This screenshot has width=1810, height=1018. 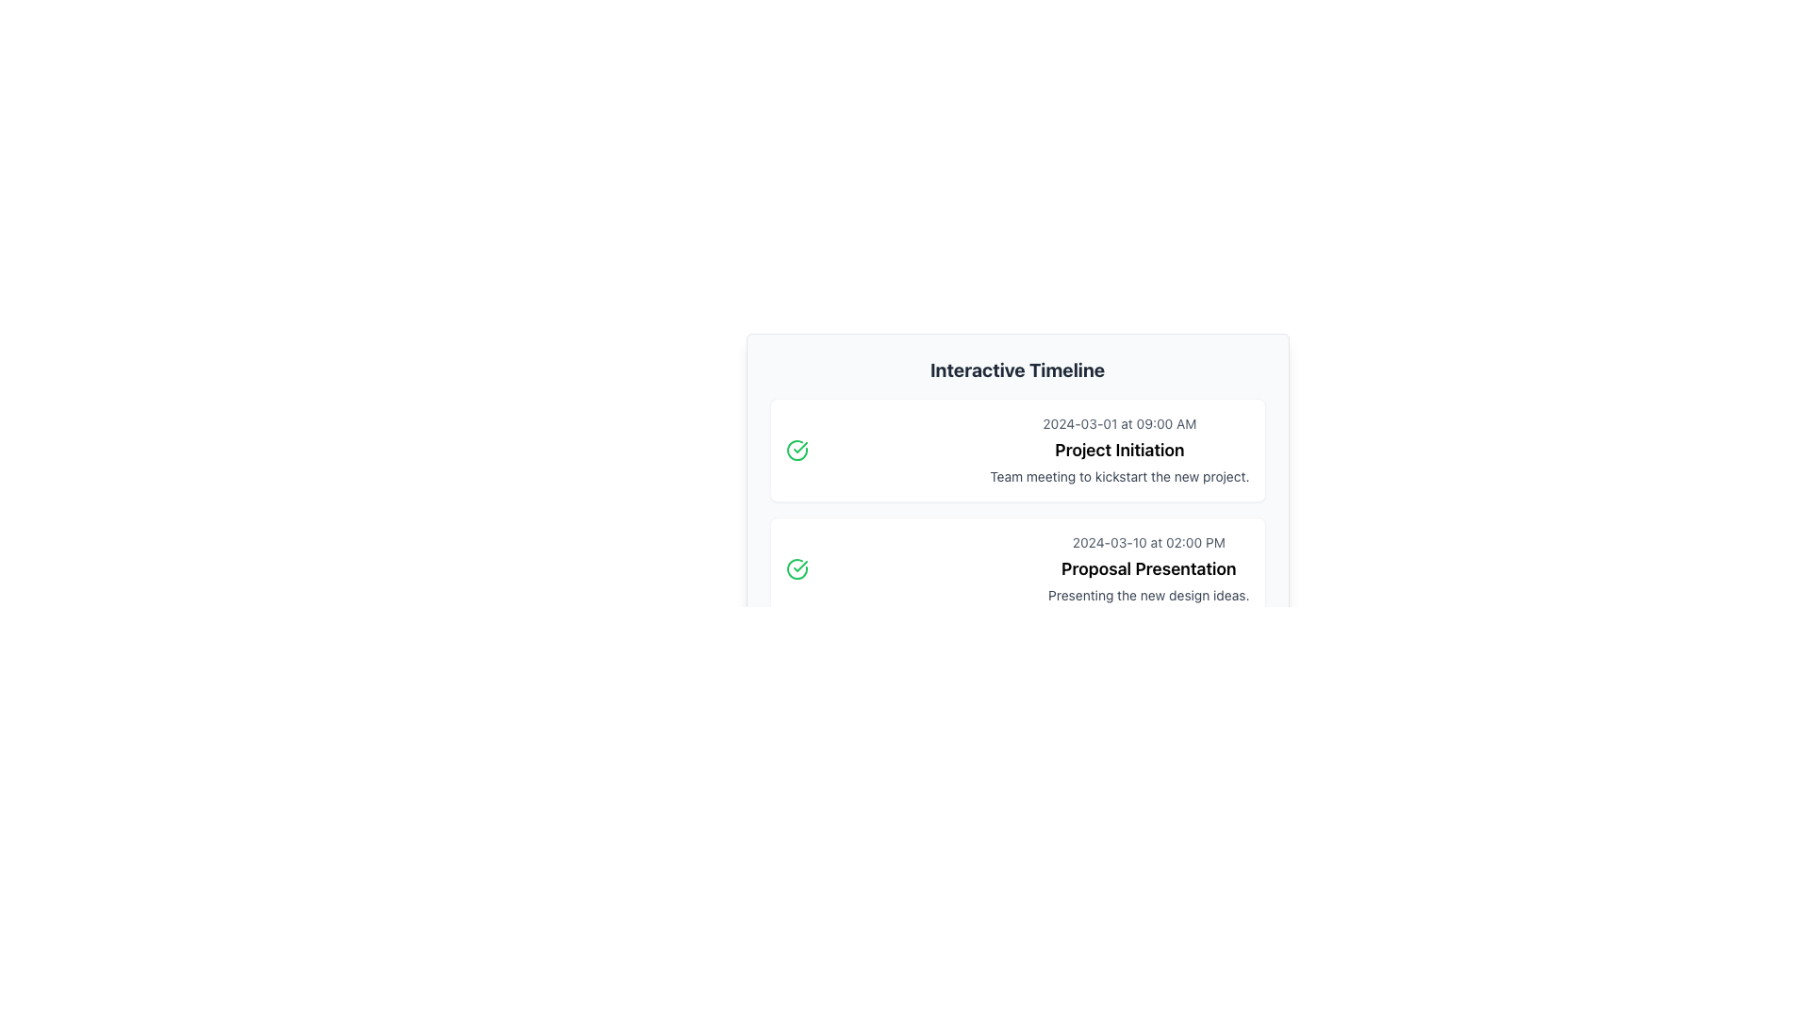 I want to click on text element that displays 'Presenting the new design ideas.' located below the 'Proposal Presentation' section in the timeline interface, so click(x=1147, y=596).